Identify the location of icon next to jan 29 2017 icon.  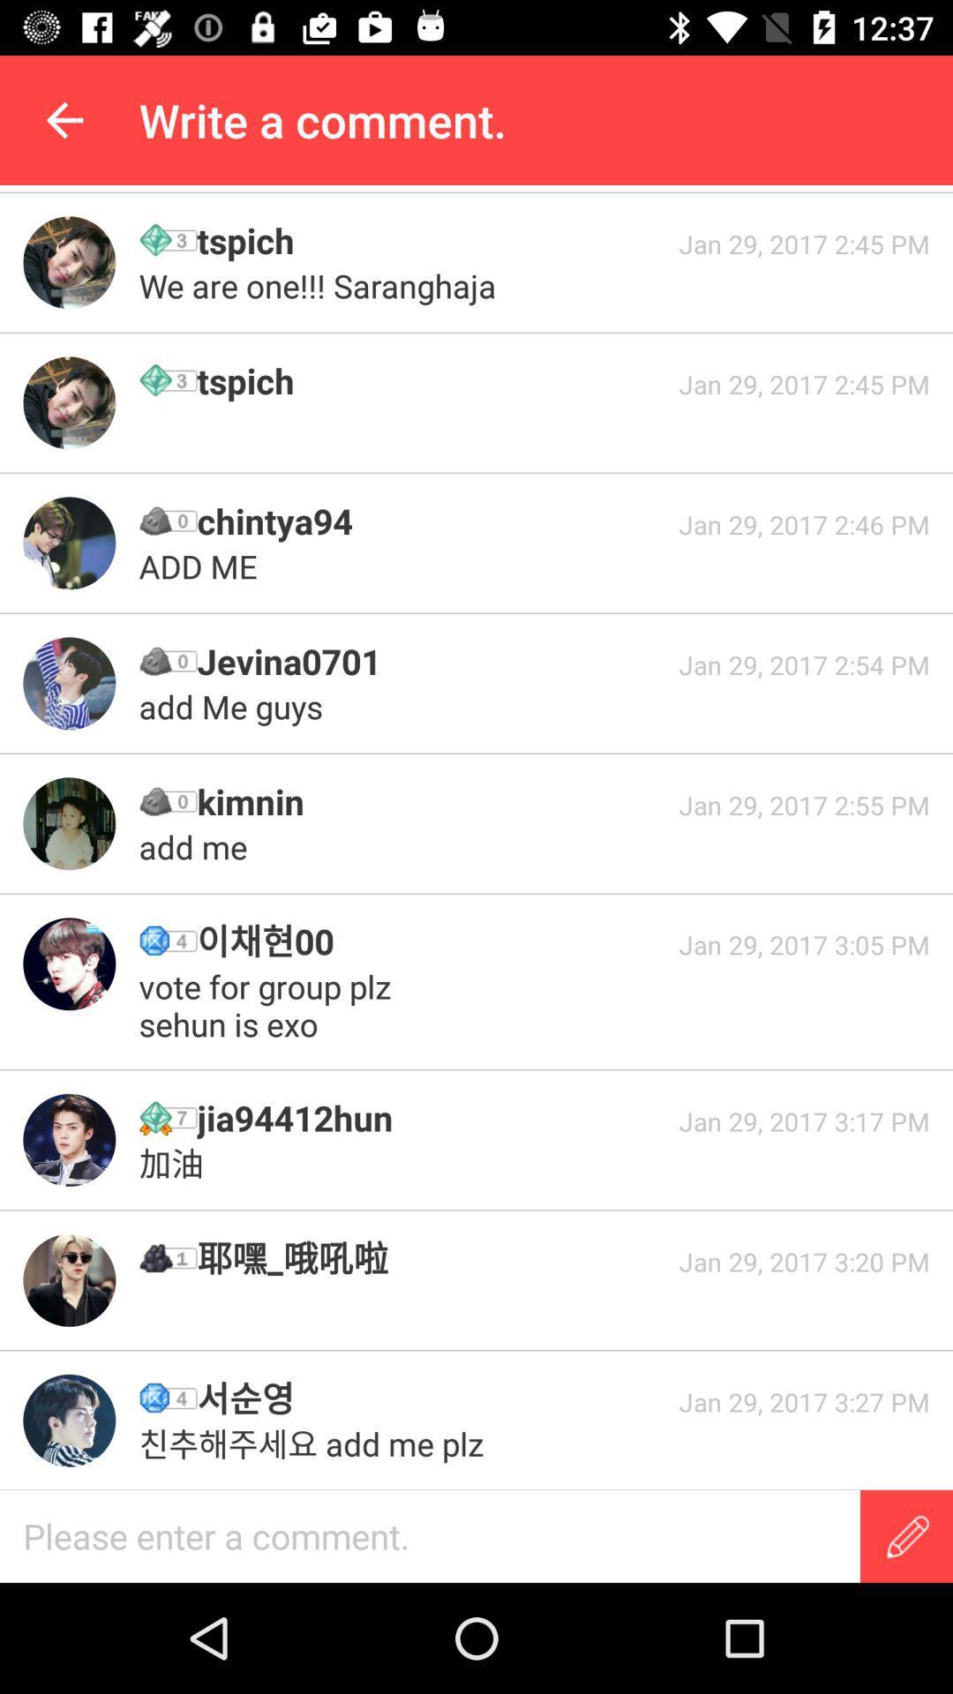
(431, 940).